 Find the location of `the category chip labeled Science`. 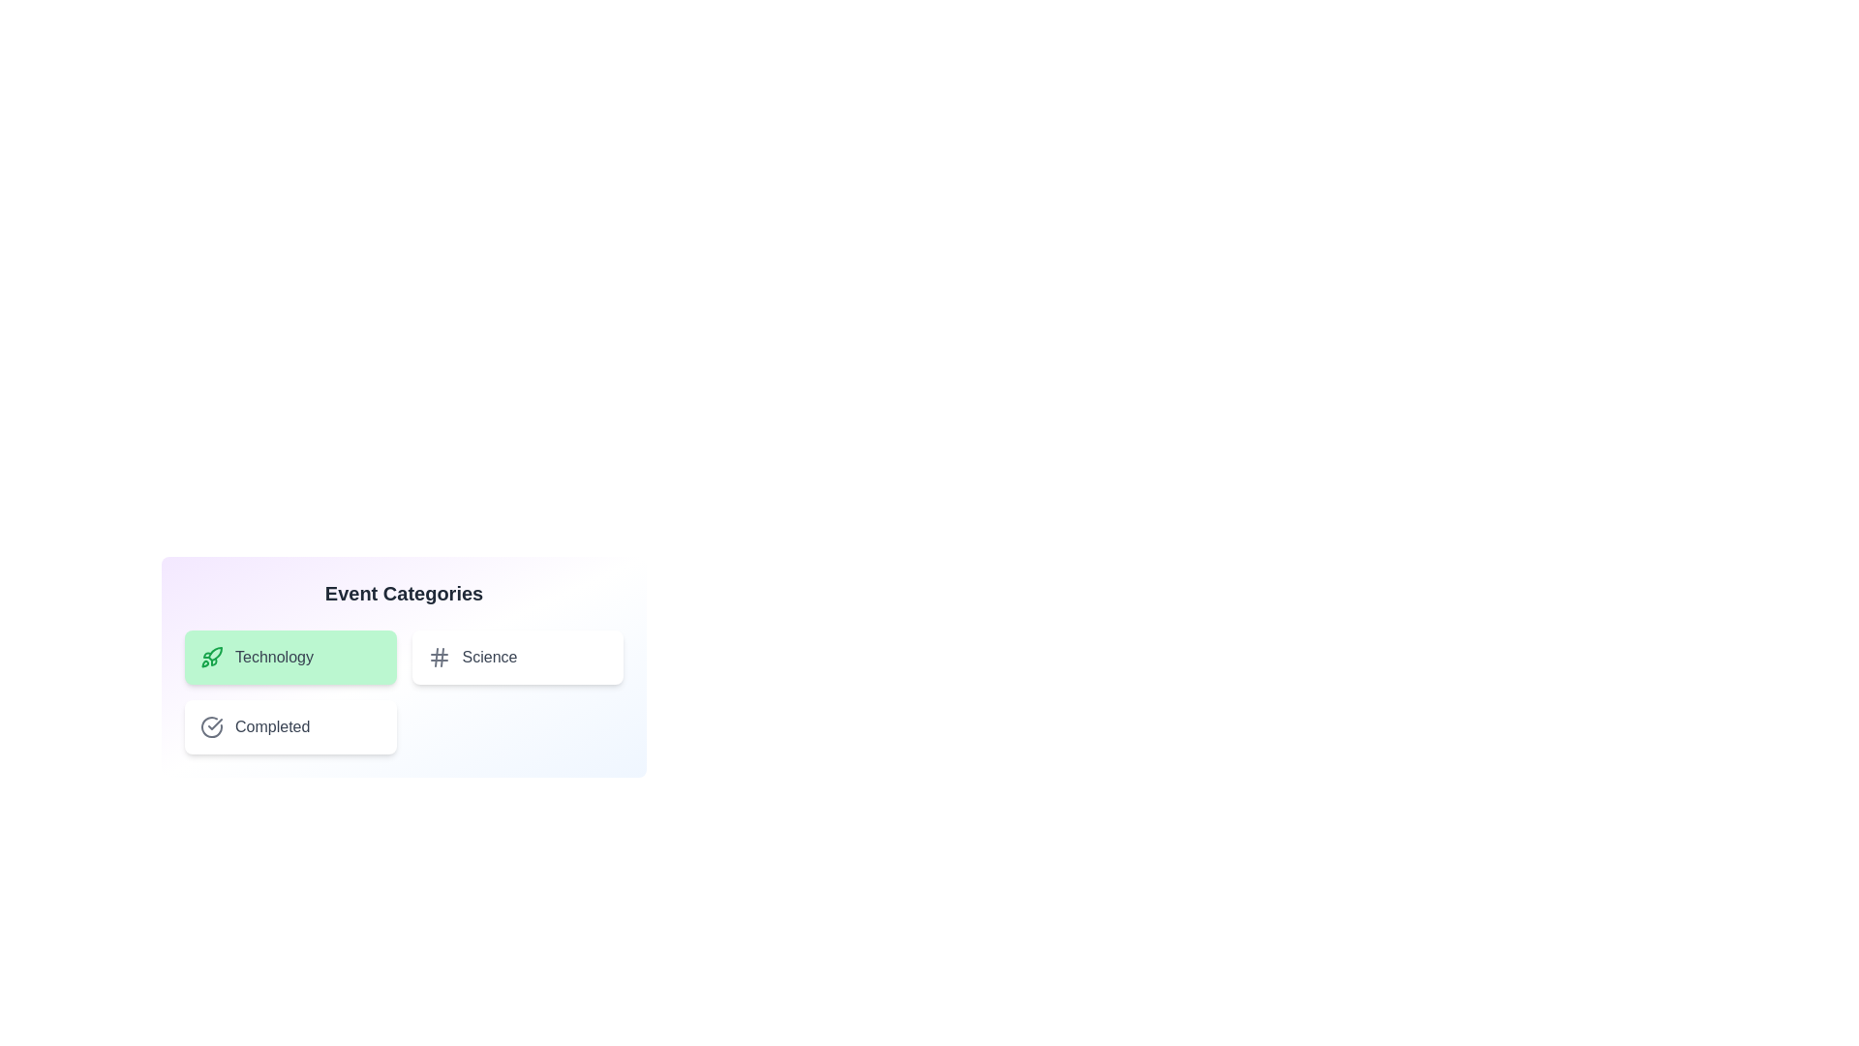

the category chip labeled Science is located at coordinates (517, 656).